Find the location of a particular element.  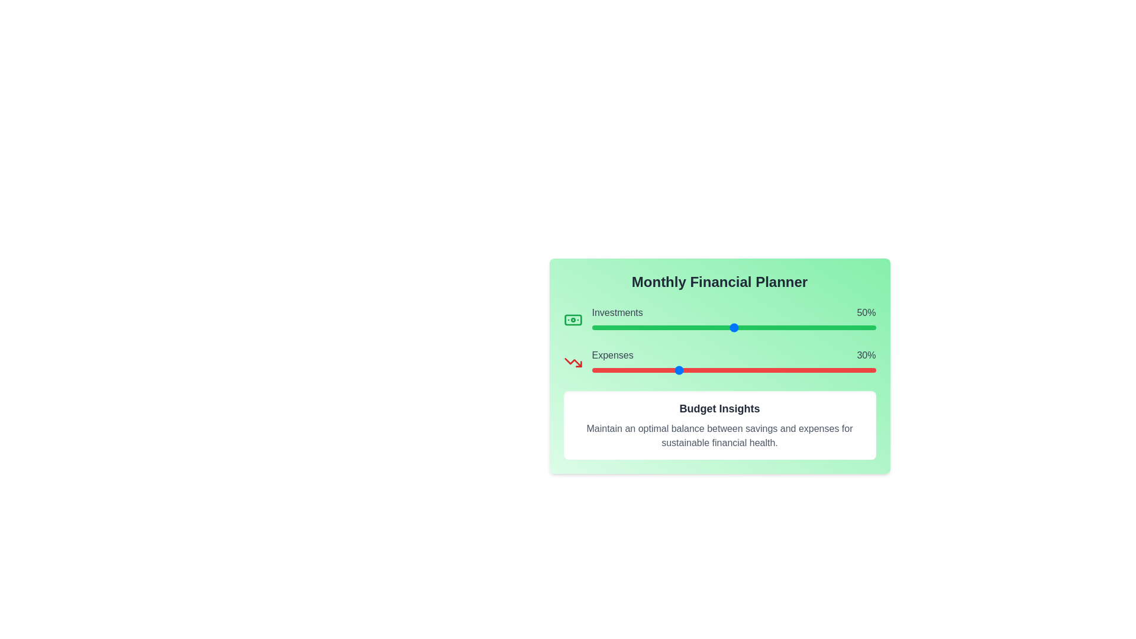

the 'Expenses' slider to set its value to 78% is located at coordinates (812, 369).